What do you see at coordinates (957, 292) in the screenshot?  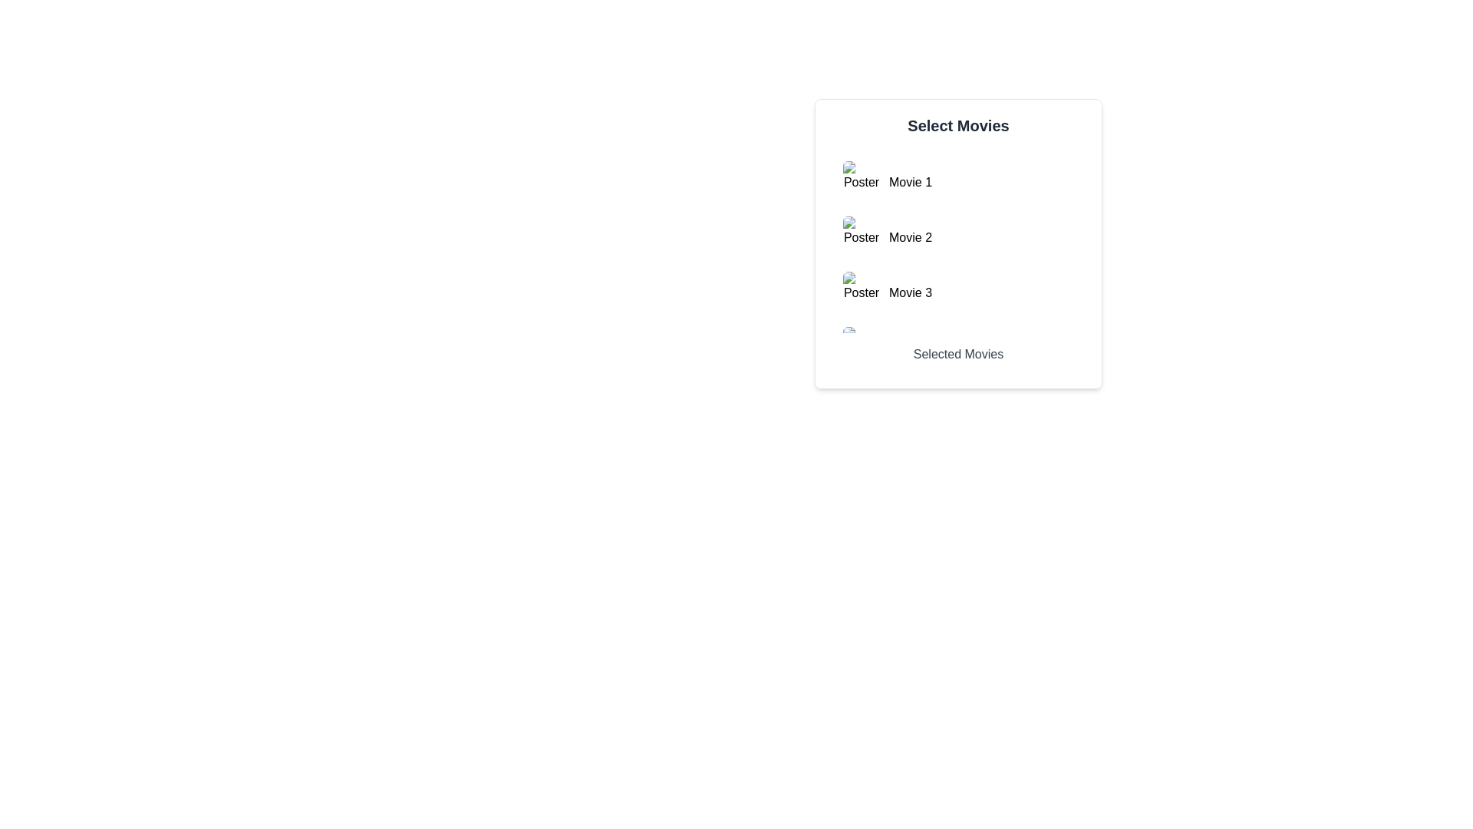 I see `the List item displaying information about 'Movie 3'` at bounding box center [957, 292].